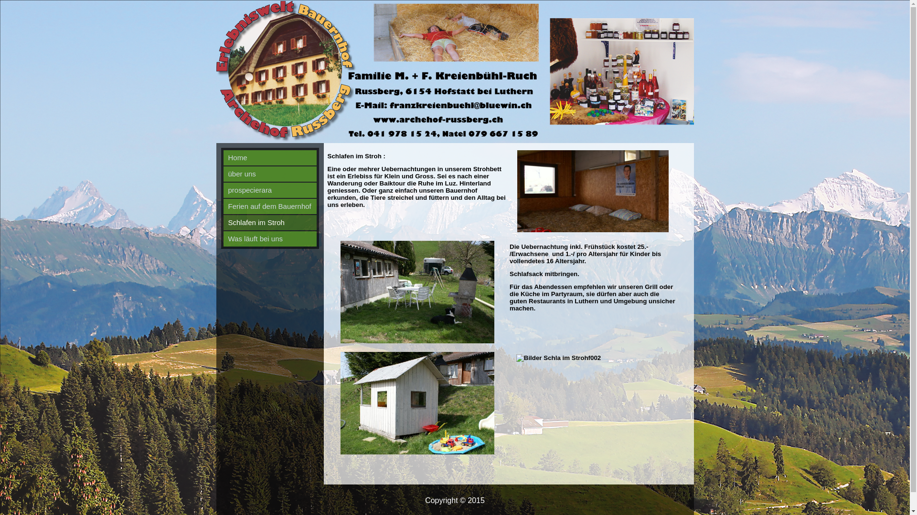  What do you see at coordinates (223, 190) in the screenshot?
I see `'prospecierara'` at bounding box center [223, 190].